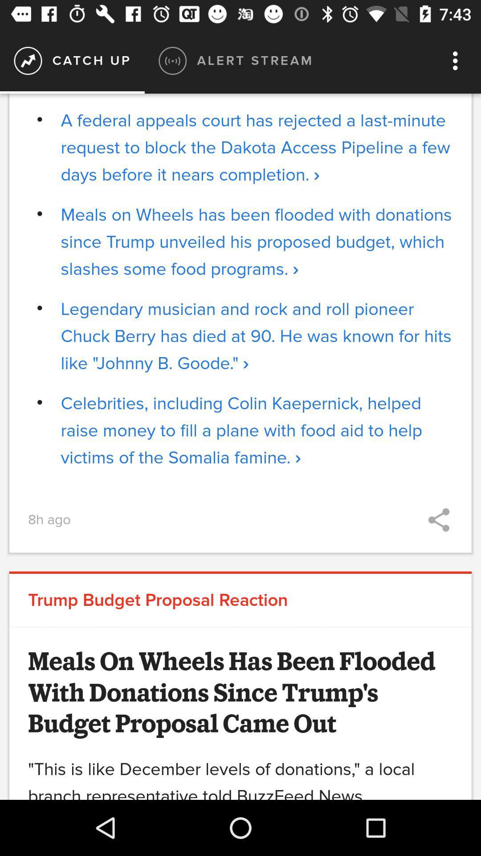  What do you see at coordinates (457, 60) in the screenshot?
I see `the icon at the top right corner` at bounding box center [457, 60].